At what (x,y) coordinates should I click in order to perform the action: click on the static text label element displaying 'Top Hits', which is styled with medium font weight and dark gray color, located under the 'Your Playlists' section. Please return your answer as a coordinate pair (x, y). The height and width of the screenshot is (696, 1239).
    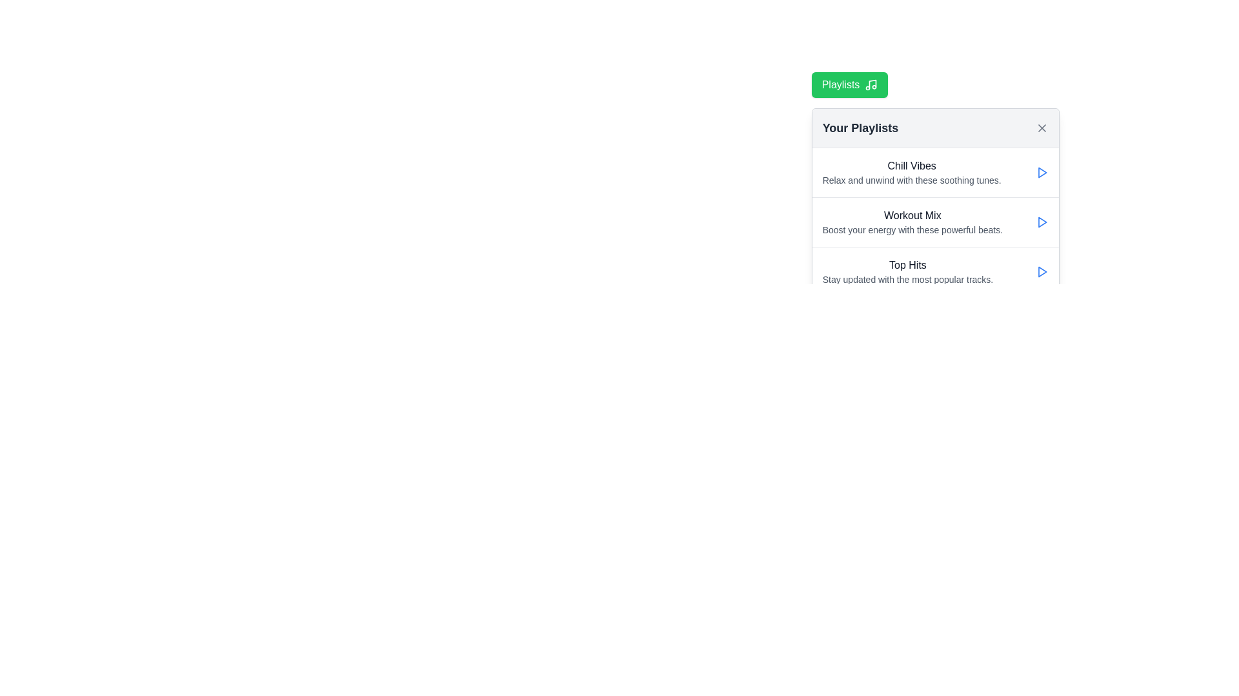
    Looking at the image, I should click on (907, 265).